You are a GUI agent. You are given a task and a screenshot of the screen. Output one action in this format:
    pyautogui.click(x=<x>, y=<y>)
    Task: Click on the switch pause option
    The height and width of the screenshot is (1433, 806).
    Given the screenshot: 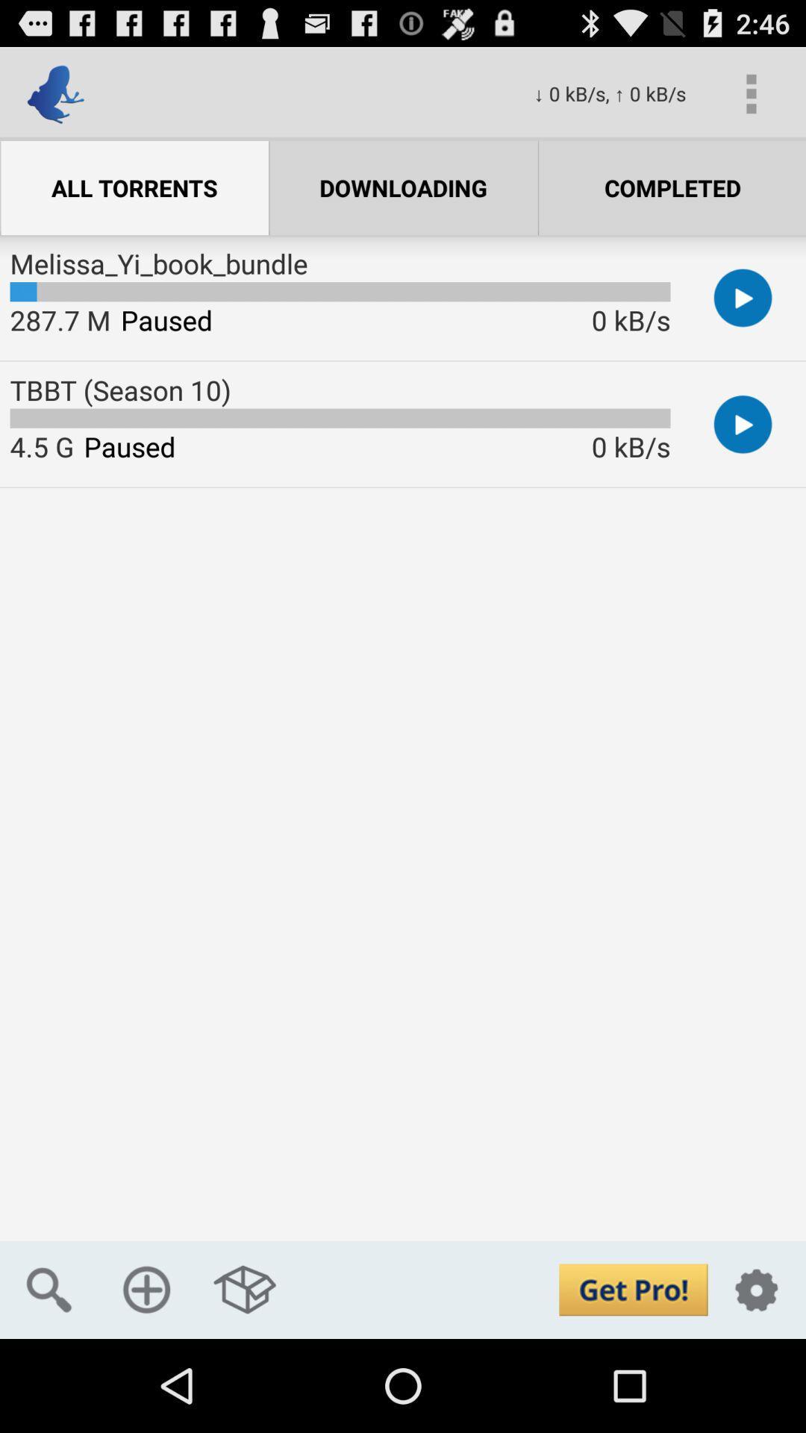 What is the action you would take?
    pyautogui.click(x=743, y=423)
    